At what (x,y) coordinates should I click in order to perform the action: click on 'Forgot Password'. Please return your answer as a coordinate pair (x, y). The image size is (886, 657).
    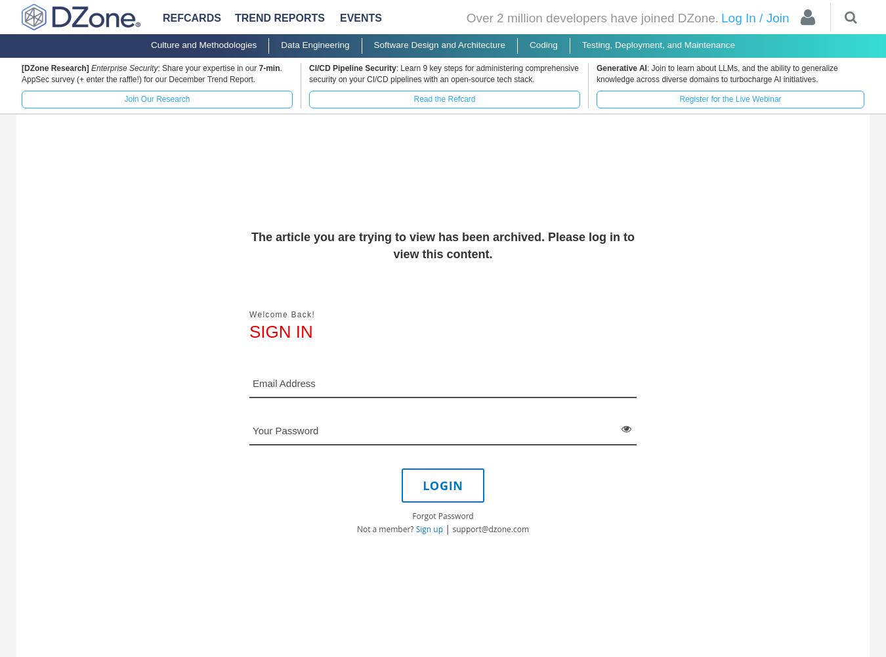
    Looking at the image, I should click on (412, 515).